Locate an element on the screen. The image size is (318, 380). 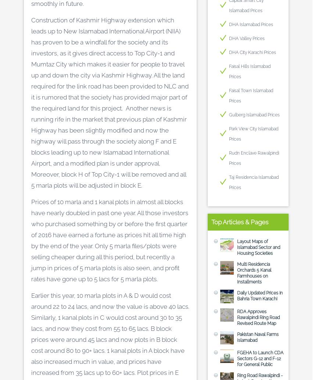
'Pakistan Naval Farms Islamabad' is located at coordinates (236, 337).